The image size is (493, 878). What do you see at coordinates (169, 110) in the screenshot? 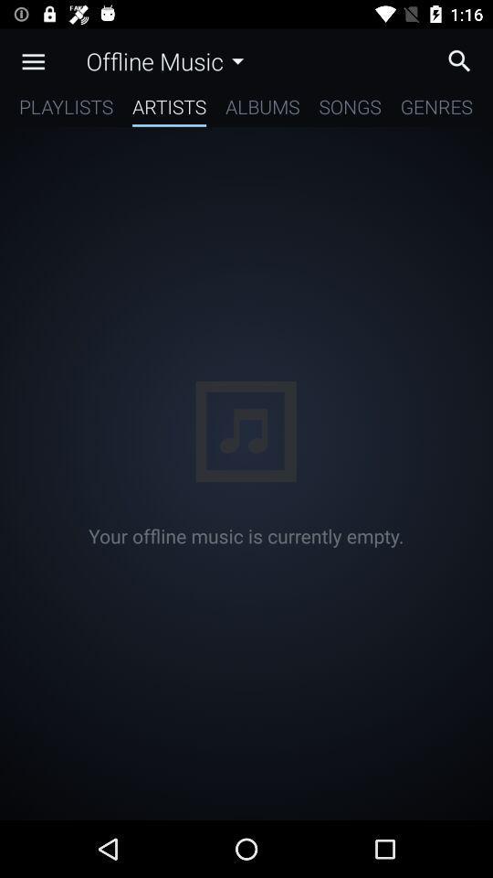
I see `the app next to the playlists icon` at bounding box center [169, 110].